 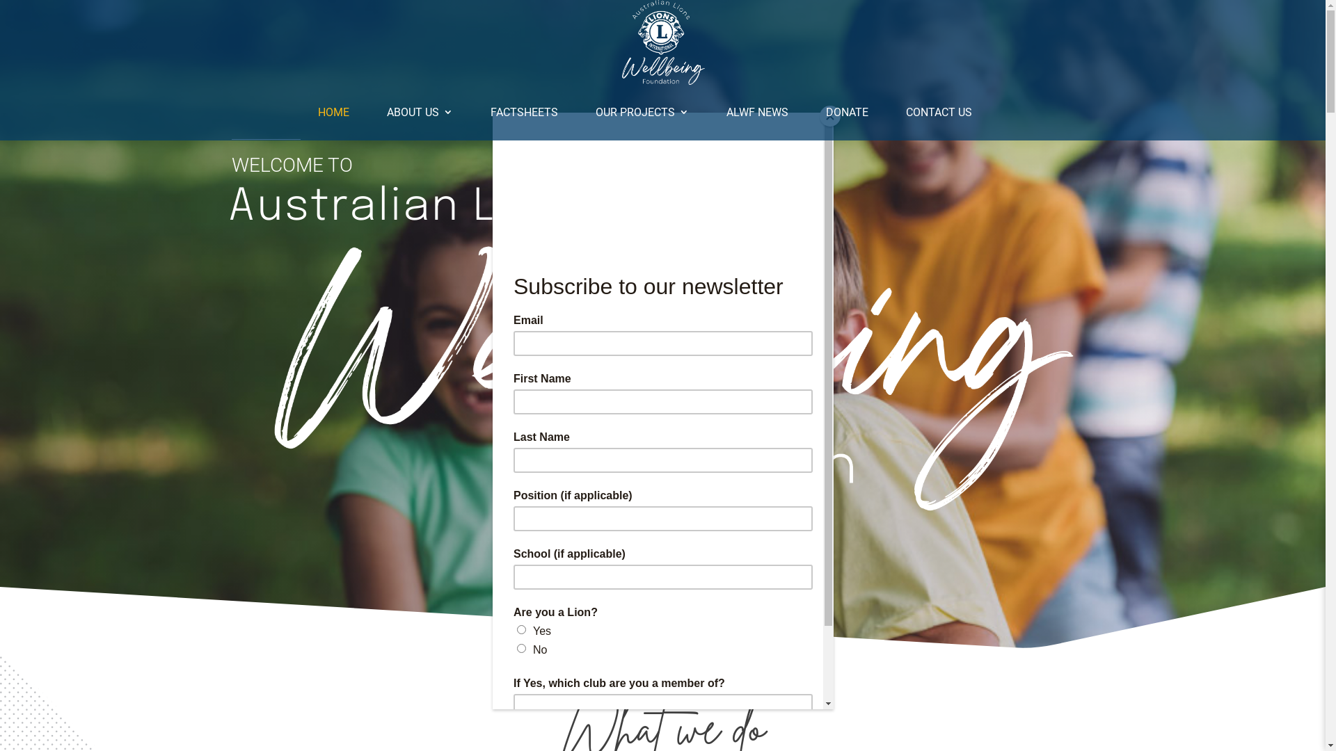 I want to click on 'HOME', so click(x=317, y=112).